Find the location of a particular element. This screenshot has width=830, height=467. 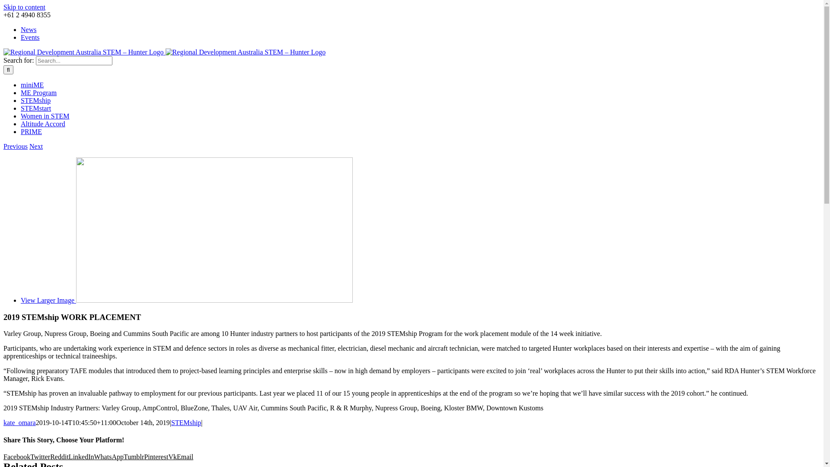

'News' is located at coordinates (21, 29).